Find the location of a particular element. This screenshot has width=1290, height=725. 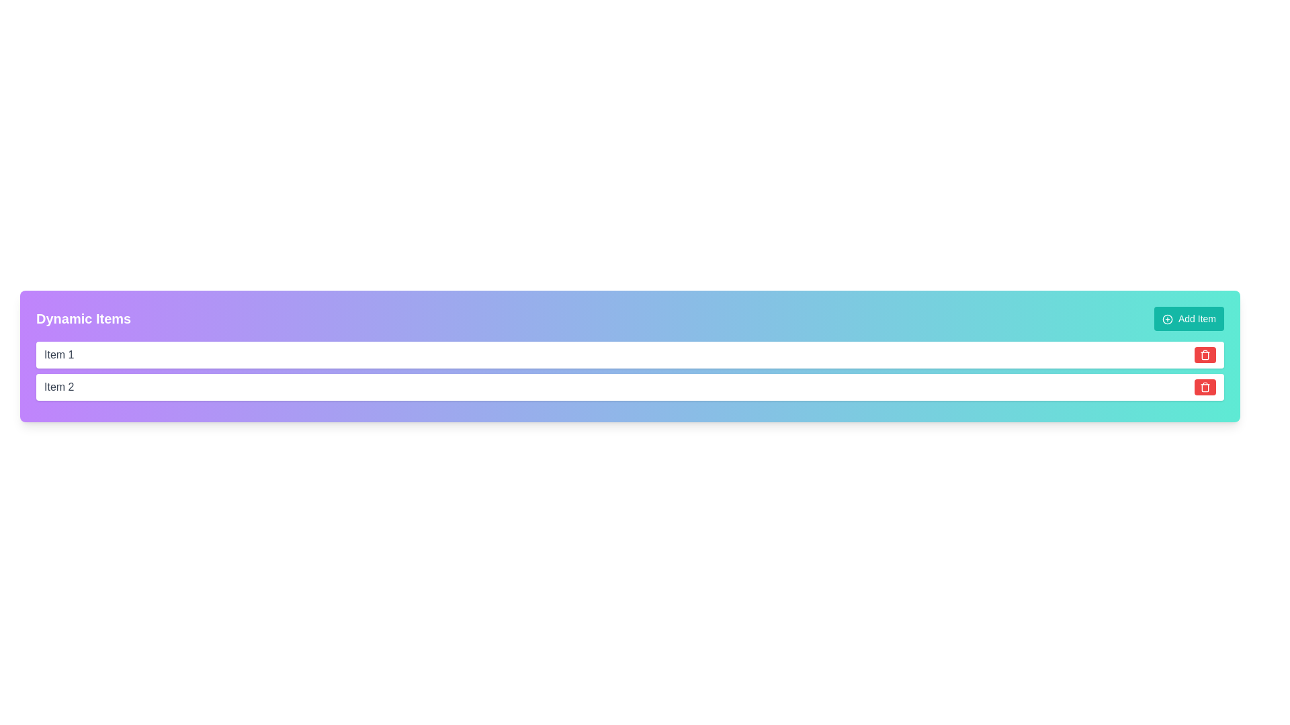

the main body of the trash can in the SVG trash icon located to the right of the 'Item 2' text input field is located at coordinates (1205, 388).